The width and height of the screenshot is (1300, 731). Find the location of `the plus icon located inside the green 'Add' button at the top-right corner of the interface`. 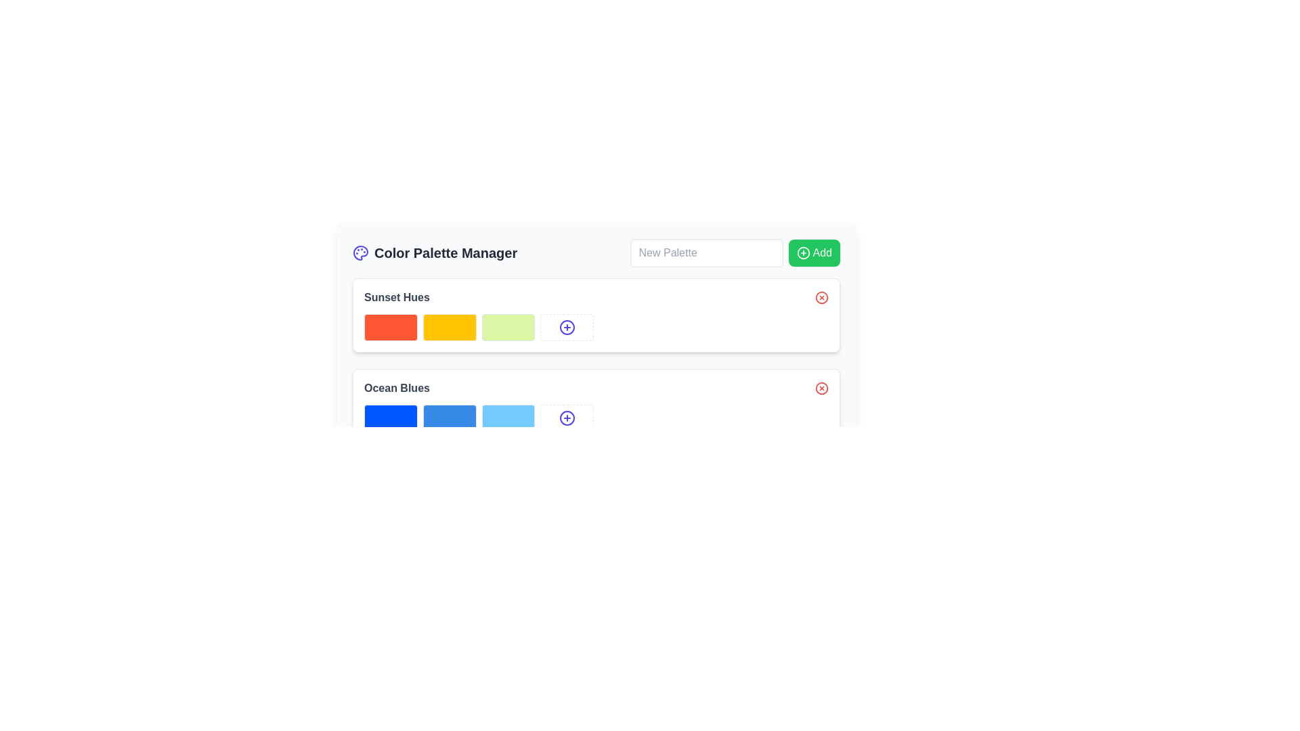

the plus icon located inside the green 'Add' button at the top-right corner of the interface is located at coordinates (803, 253).